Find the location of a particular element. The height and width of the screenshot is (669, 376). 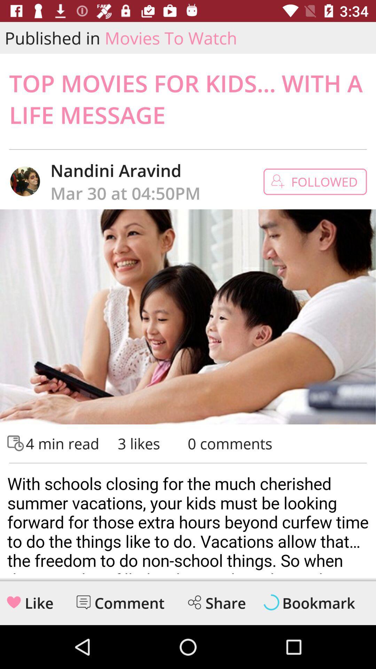

like is located at coordinates (14, 602).